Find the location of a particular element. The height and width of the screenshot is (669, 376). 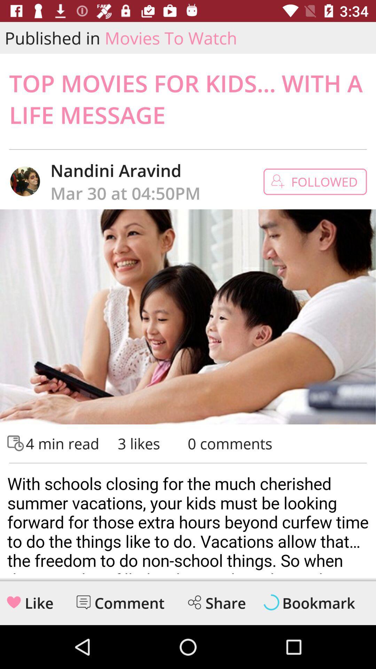

like is located at coordinates (14, 602).